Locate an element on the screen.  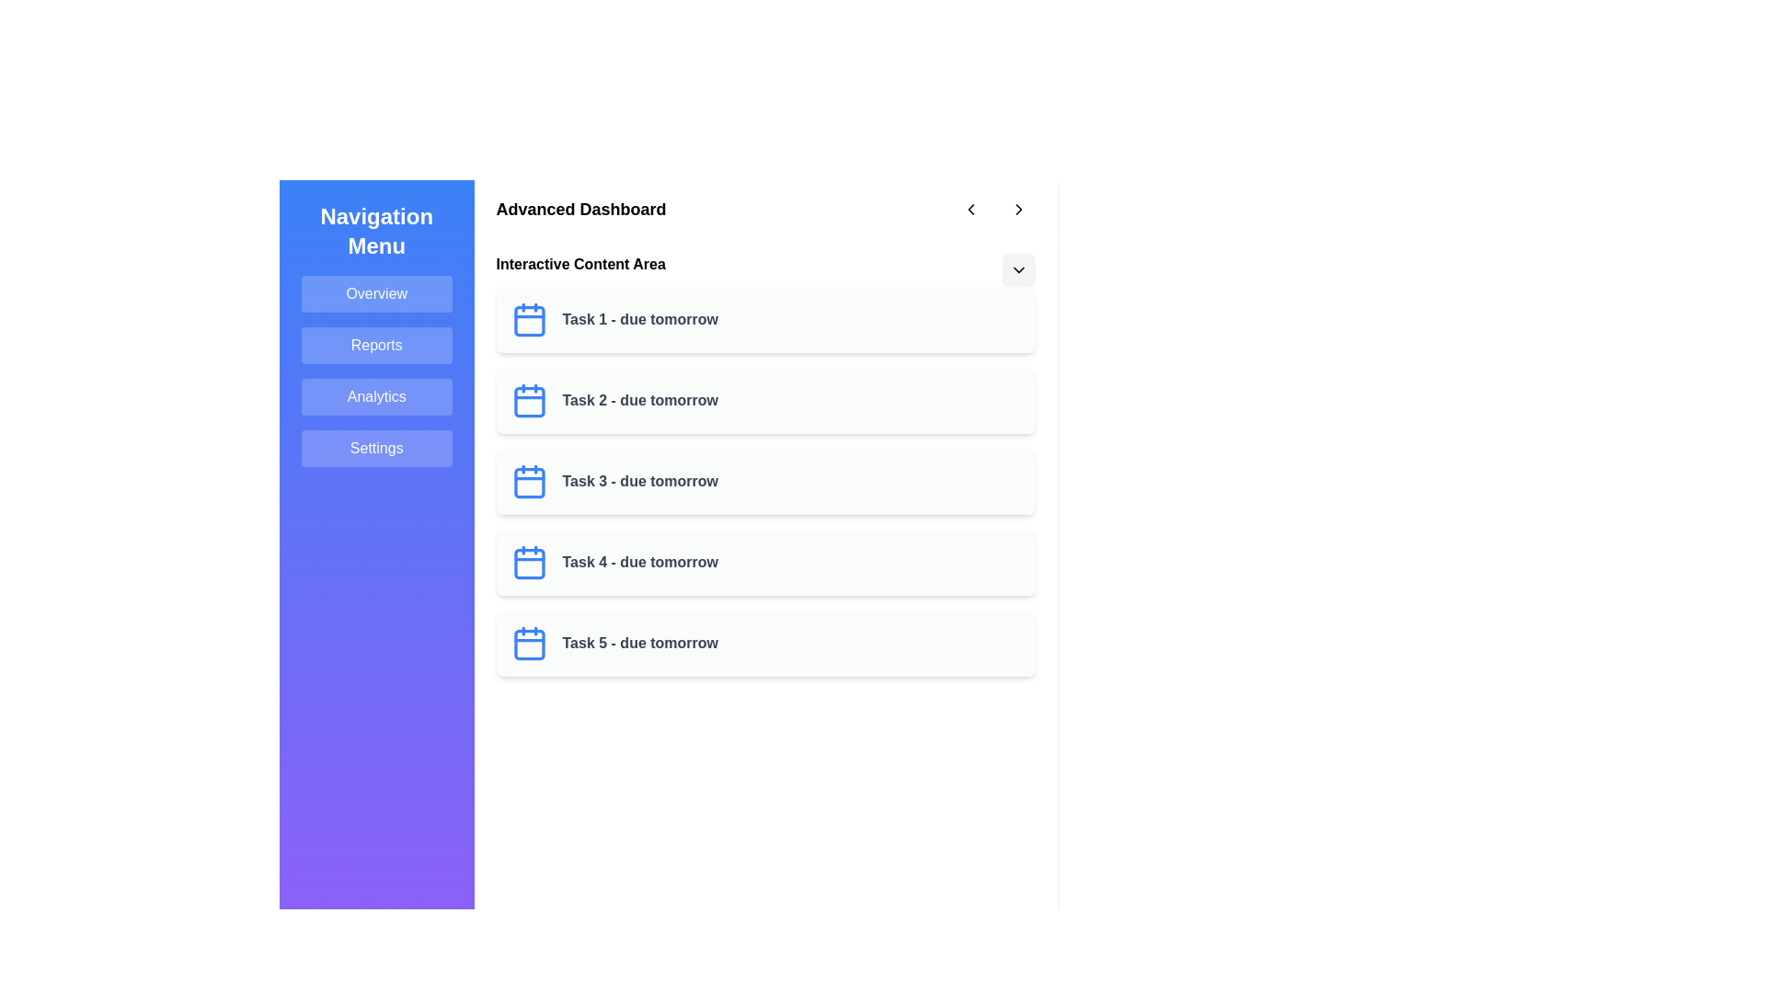
the 'Overview' button, which is a rectangular button with rounded corners and white text on a semi-transparent blue background, to trigger a visual change is located at coordinates (375, 293).